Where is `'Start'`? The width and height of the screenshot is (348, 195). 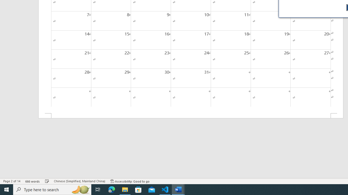
'Start' is located at coordinates (7, 189).